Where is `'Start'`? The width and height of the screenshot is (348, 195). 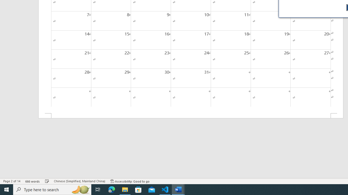
'Start' is located at coordinates (7, 189).